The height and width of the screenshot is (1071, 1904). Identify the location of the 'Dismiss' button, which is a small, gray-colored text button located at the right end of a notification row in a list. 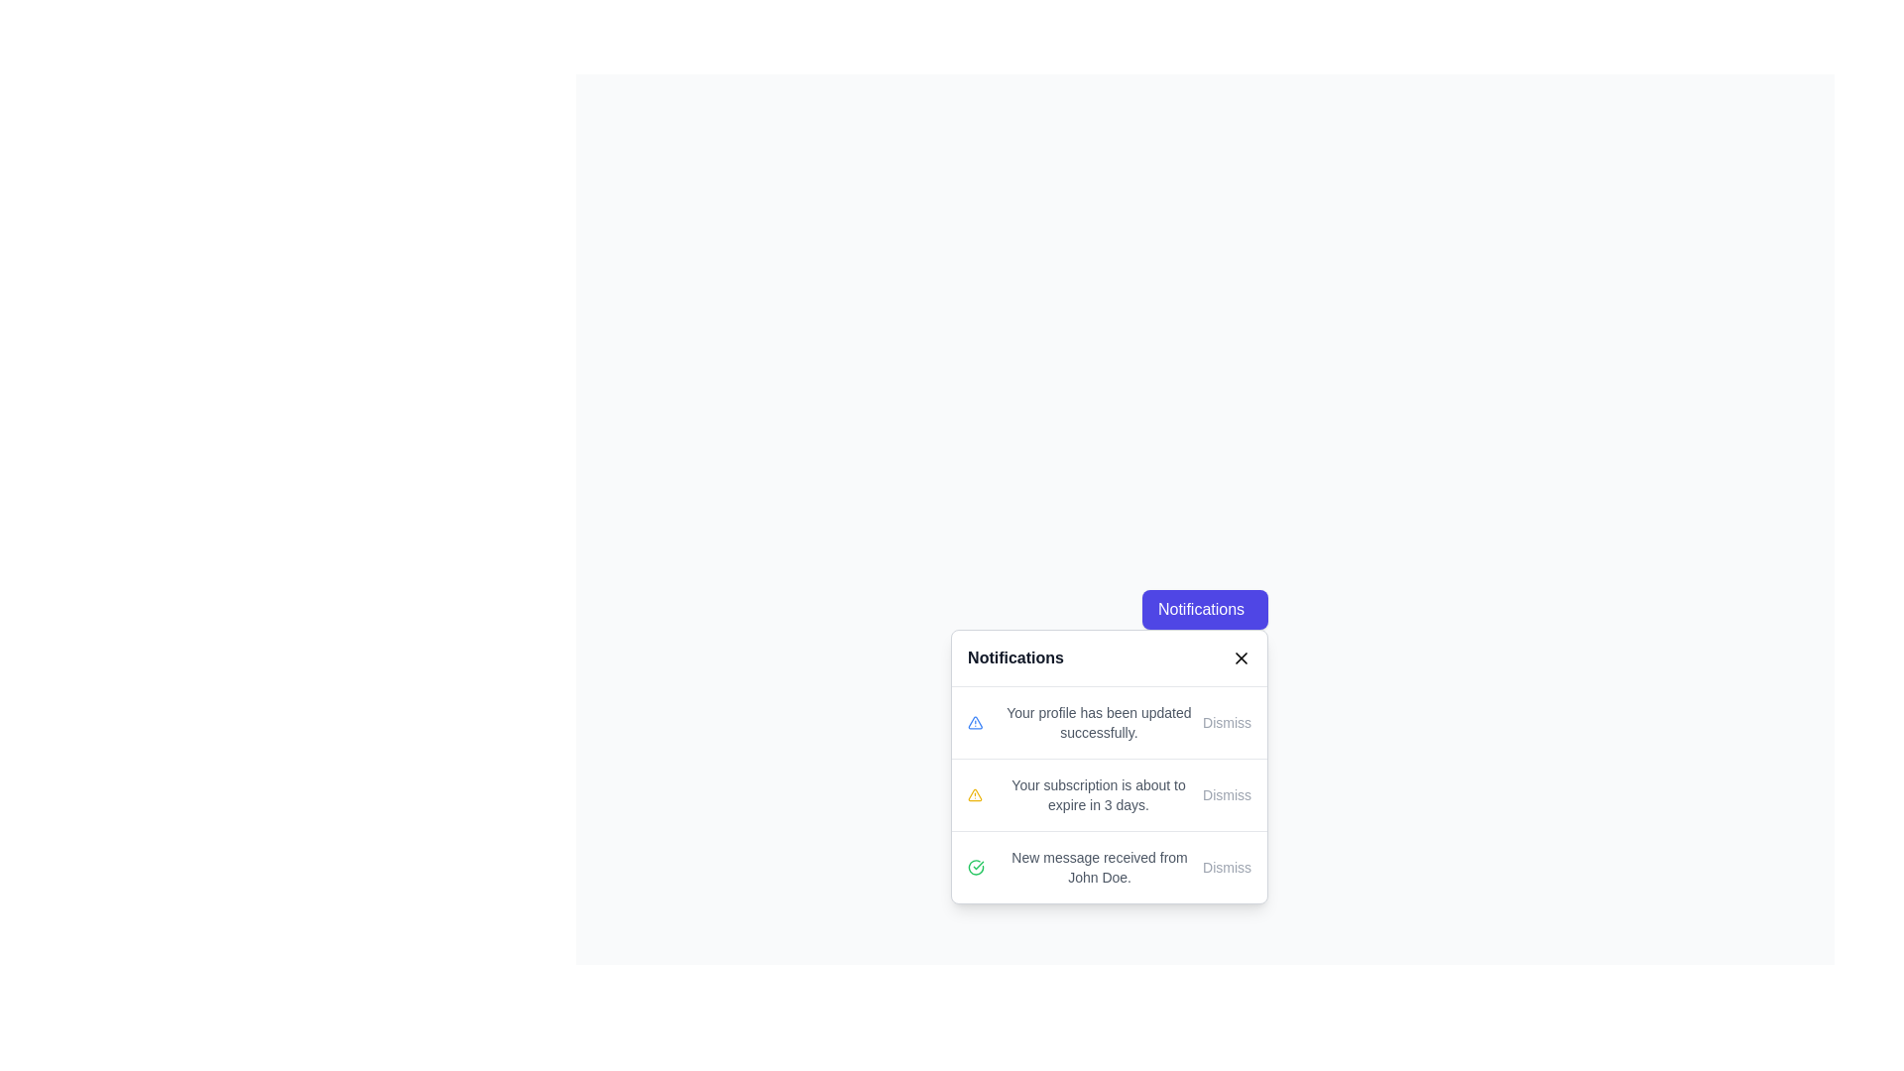
(1226, 867).